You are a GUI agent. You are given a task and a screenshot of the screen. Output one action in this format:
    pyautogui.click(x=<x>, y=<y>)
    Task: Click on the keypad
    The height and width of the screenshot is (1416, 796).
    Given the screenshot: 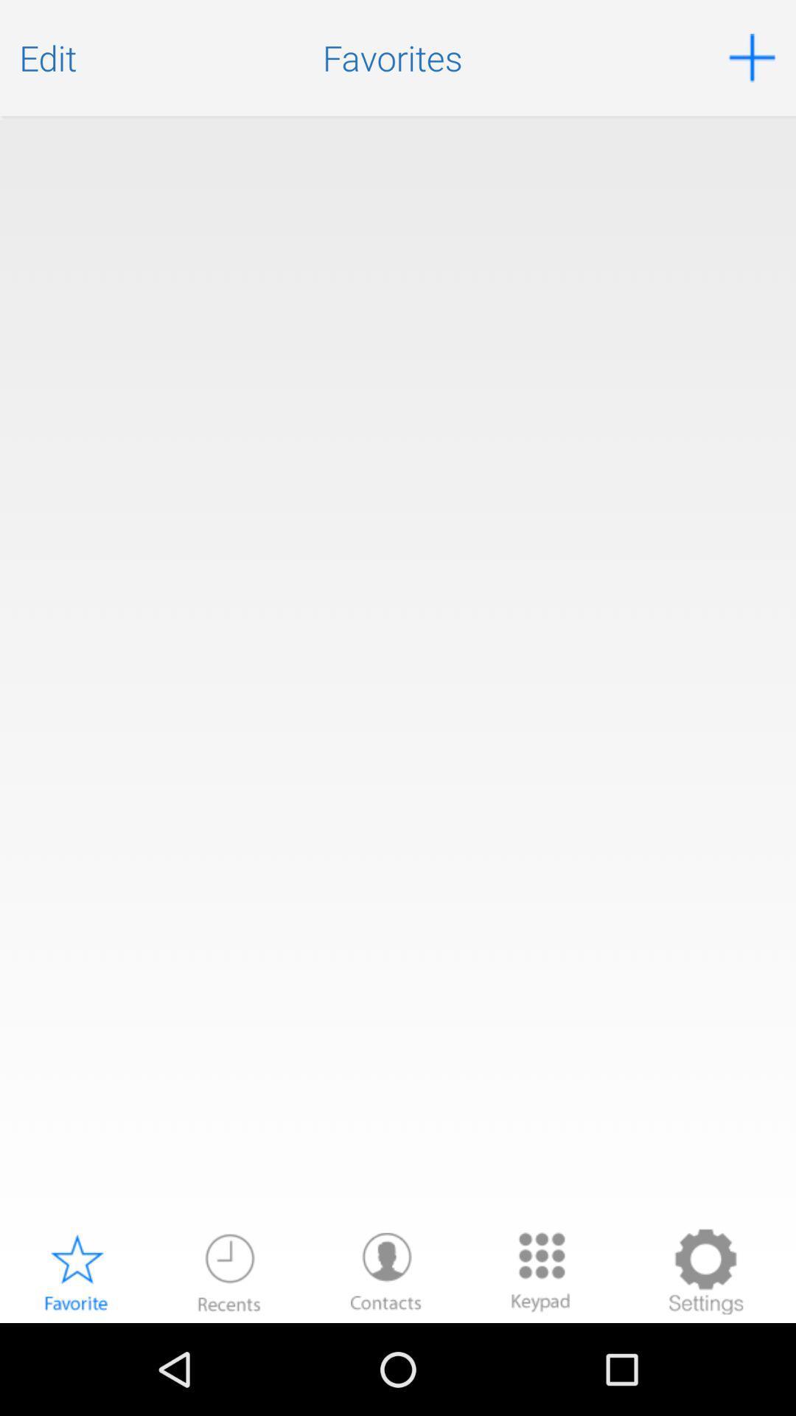 What is the action you would take?
    pyautogui.click(x=540, y=1271)
    